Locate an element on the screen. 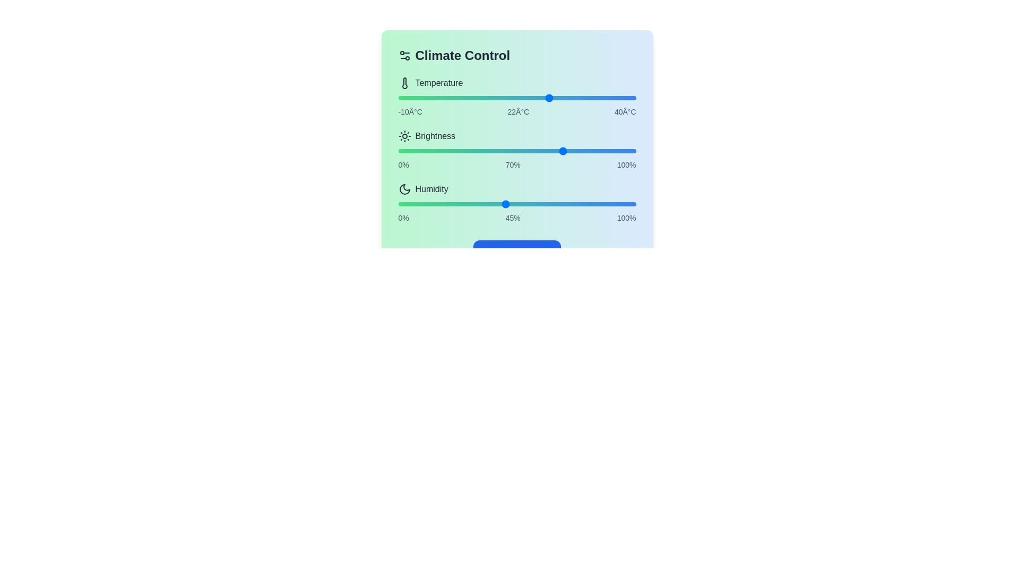 The image size is (1019, 573). the humidity is located at coordinates (455, 204).